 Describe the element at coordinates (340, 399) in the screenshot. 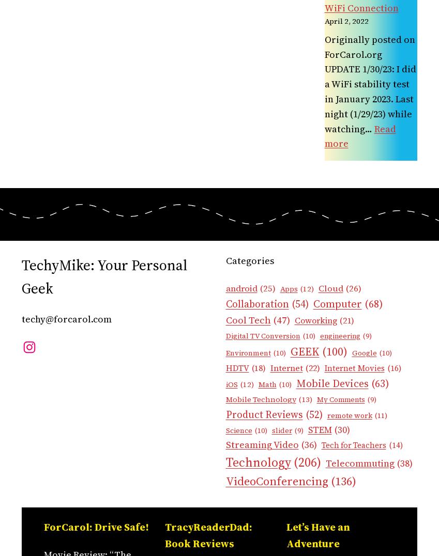

I see `'My Comments'` at that location.